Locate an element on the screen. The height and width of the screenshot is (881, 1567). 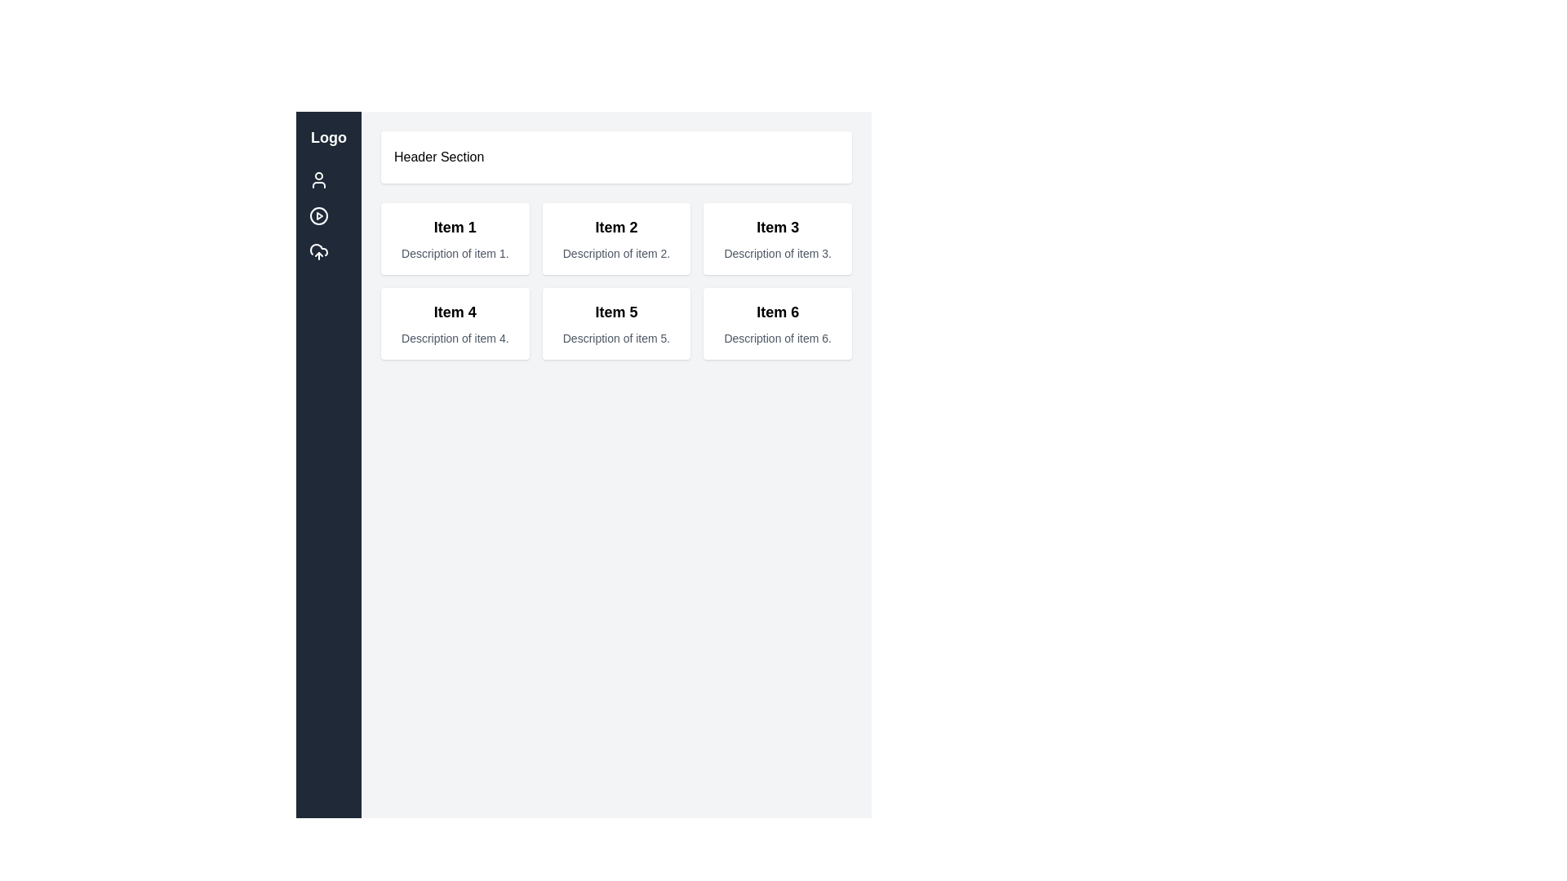
the navigation button located in the left sidebar, second position, used to initiate media playback, via keyboard navigation is located at coordinates (328, 215).